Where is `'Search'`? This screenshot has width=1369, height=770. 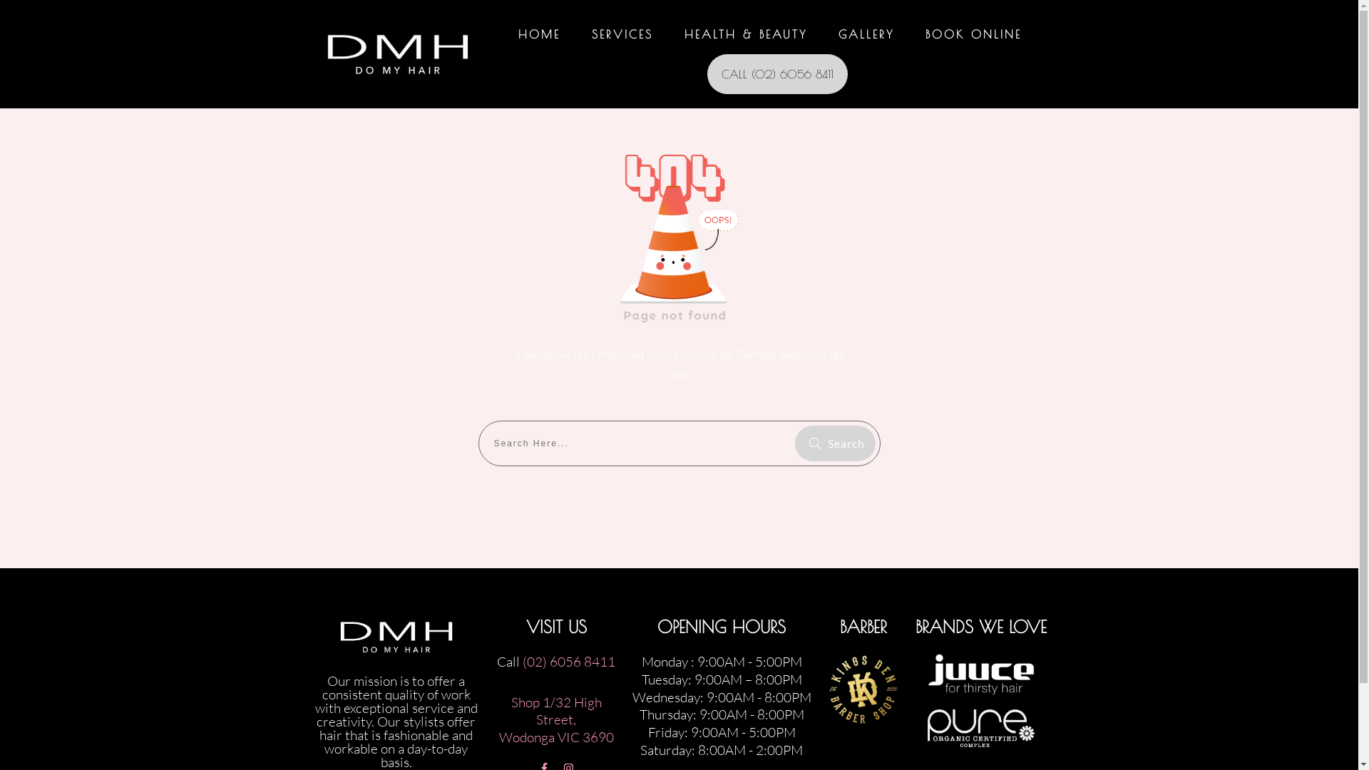
'Search' is located at coordinates (834, 442).